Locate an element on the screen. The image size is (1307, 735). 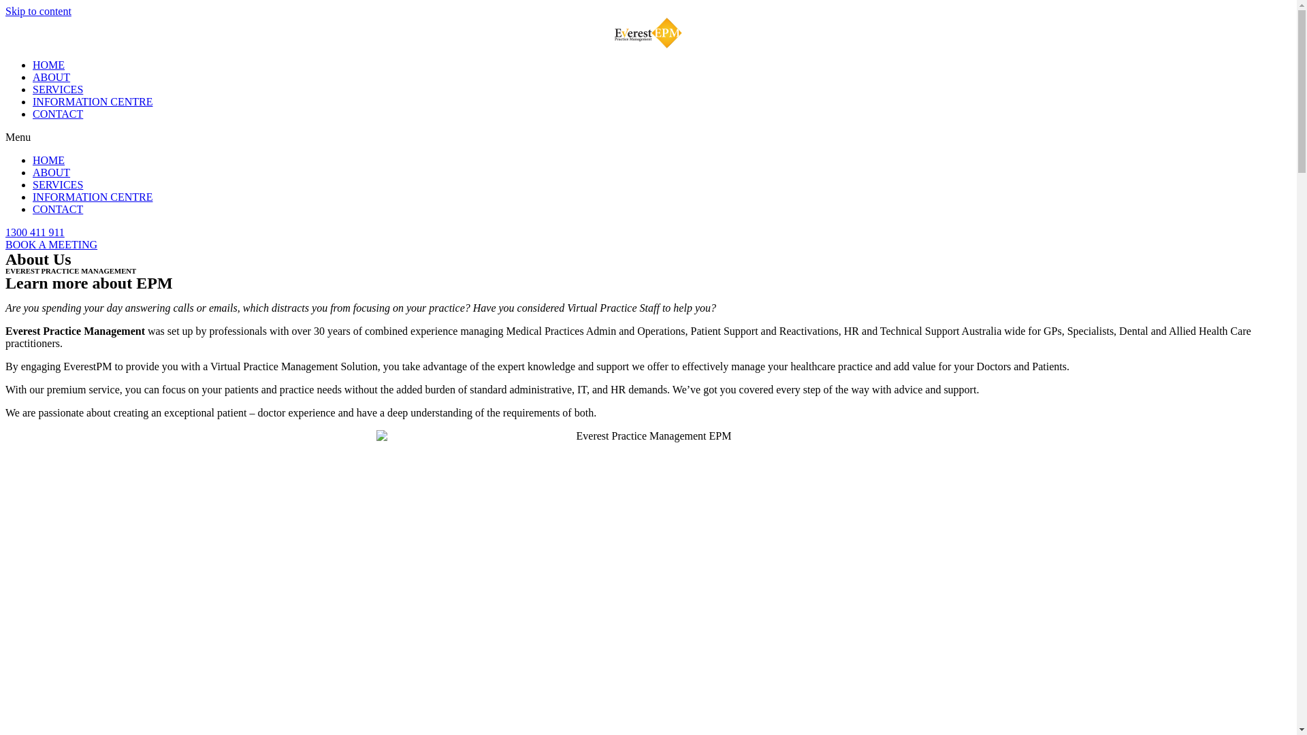
'HOME' is located at coordinates (48, 159).